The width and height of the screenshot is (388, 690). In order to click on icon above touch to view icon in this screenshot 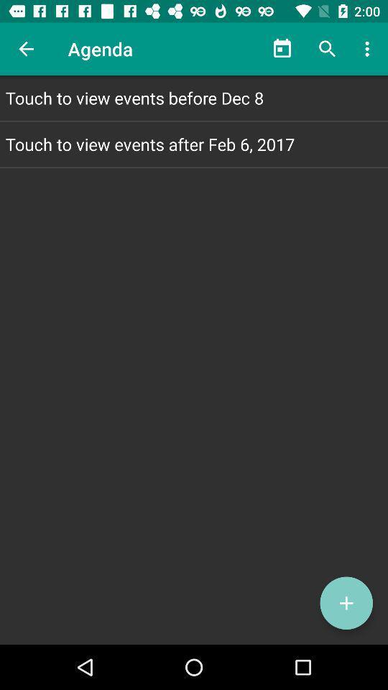, I will do `click(327, 49)`.